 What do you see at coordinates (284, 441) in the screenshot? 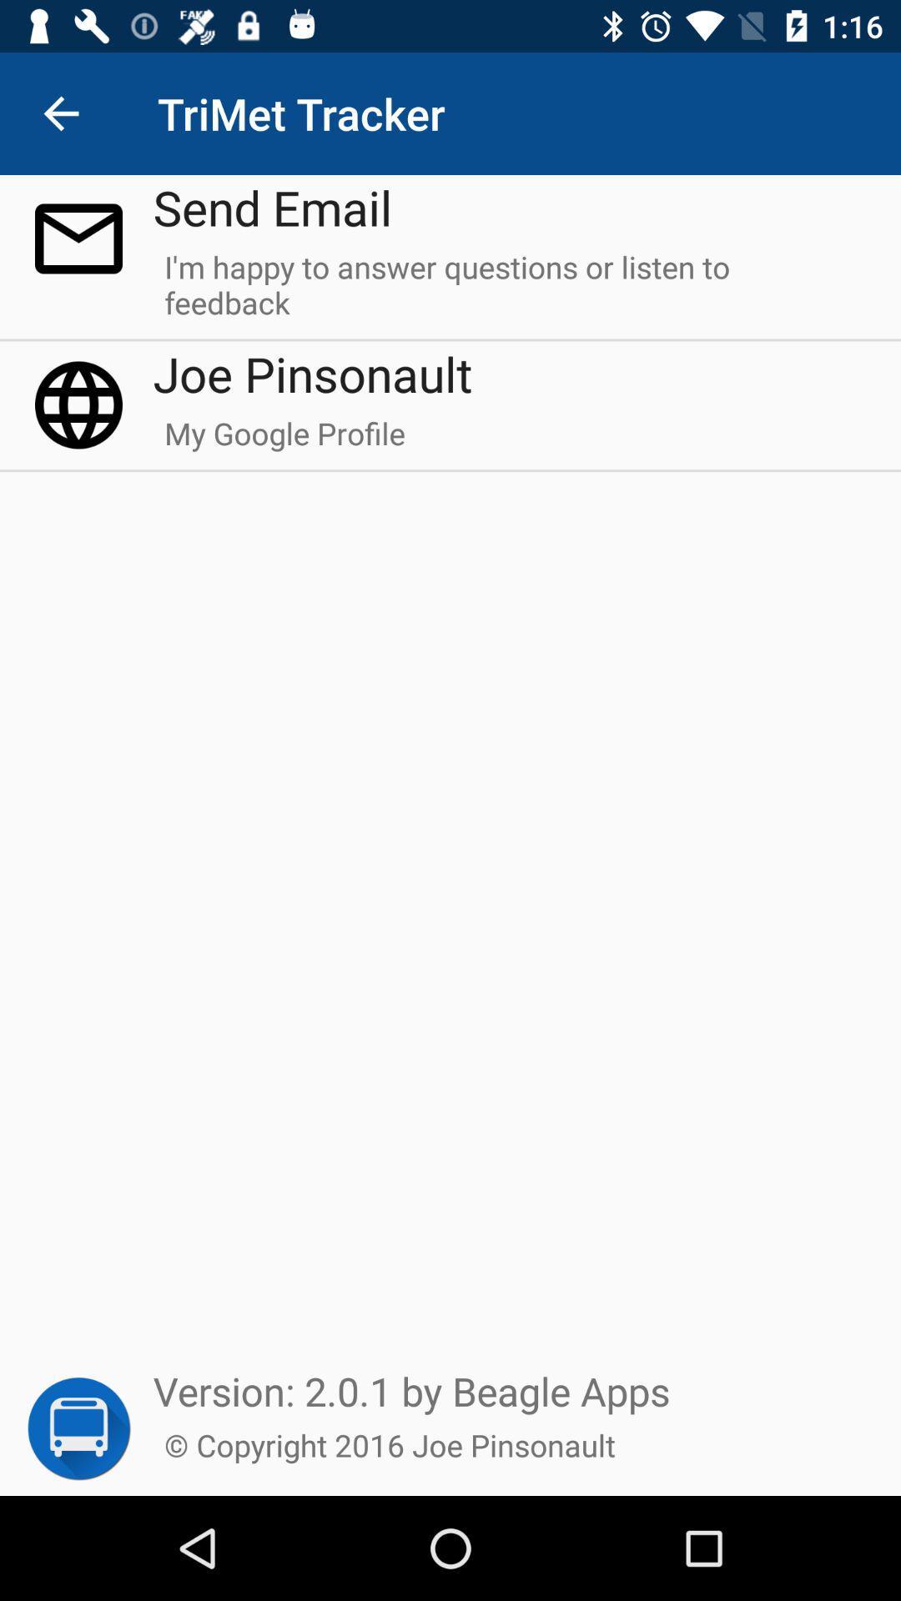
I see `icon below joe pinsonault item` at bounding box center [284, 441].